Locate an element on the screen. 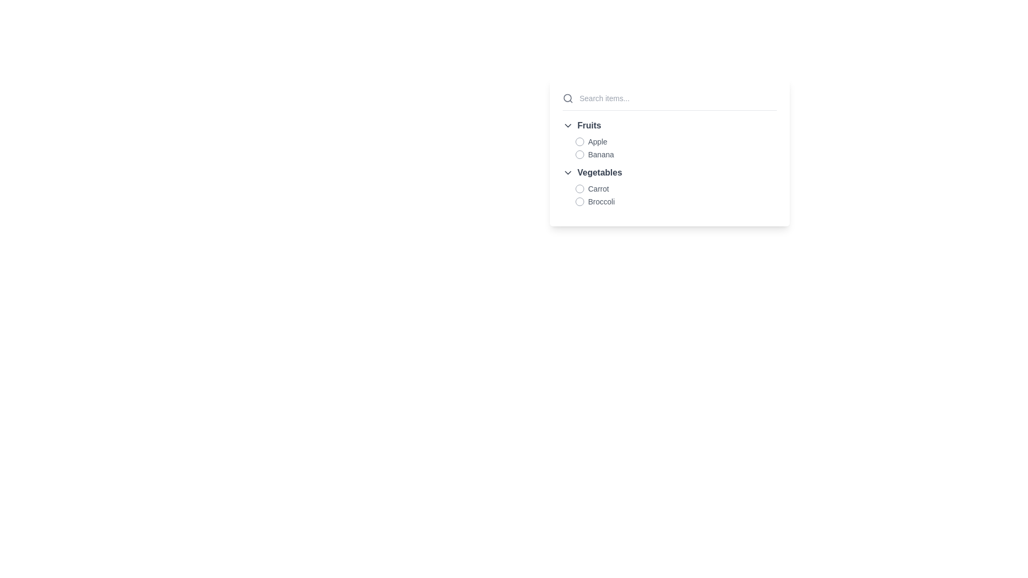 The width and height of the screenshot is (1028, 578). the radio button for the 'Banana' option in the 'Fruits' category is located at coordinates (579, 155).